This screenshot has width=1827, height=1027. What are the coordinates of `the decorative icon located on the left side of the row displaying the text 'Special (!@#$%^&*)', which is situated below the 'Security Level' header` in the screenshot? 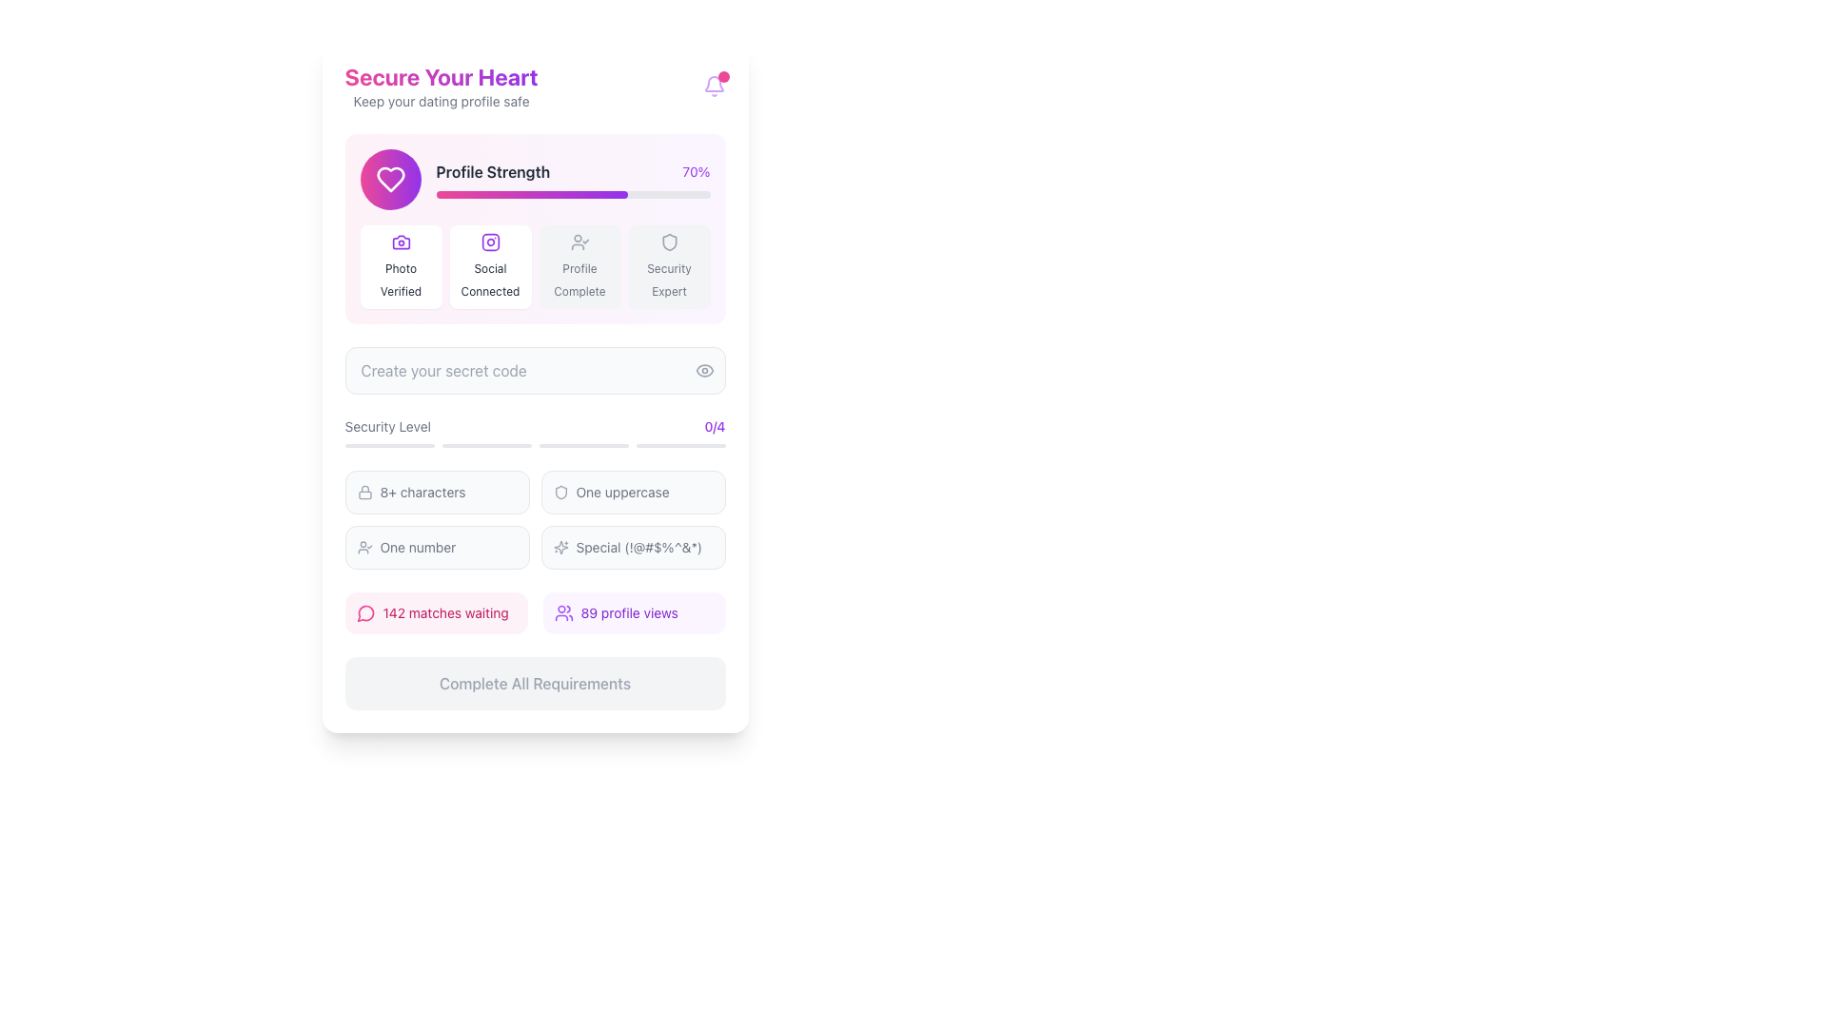 It's located at (560, 547).